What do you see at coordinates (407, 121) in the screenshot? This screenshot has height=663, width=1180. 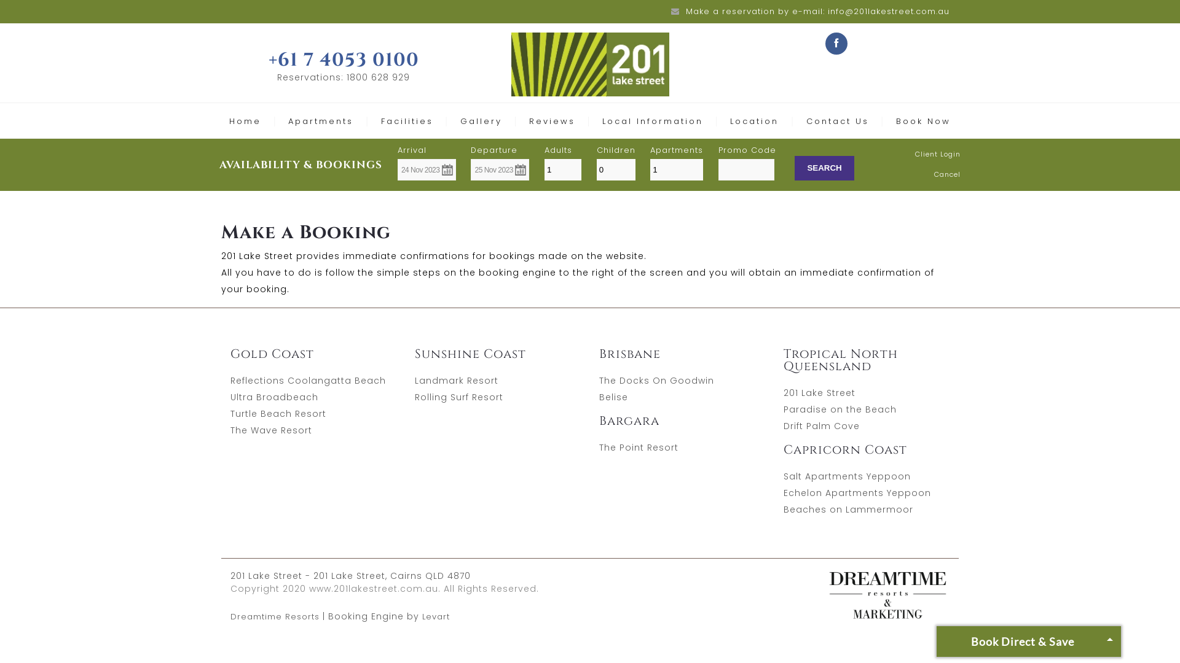 I see `'Facilities'` at bounding box center [407, 121].